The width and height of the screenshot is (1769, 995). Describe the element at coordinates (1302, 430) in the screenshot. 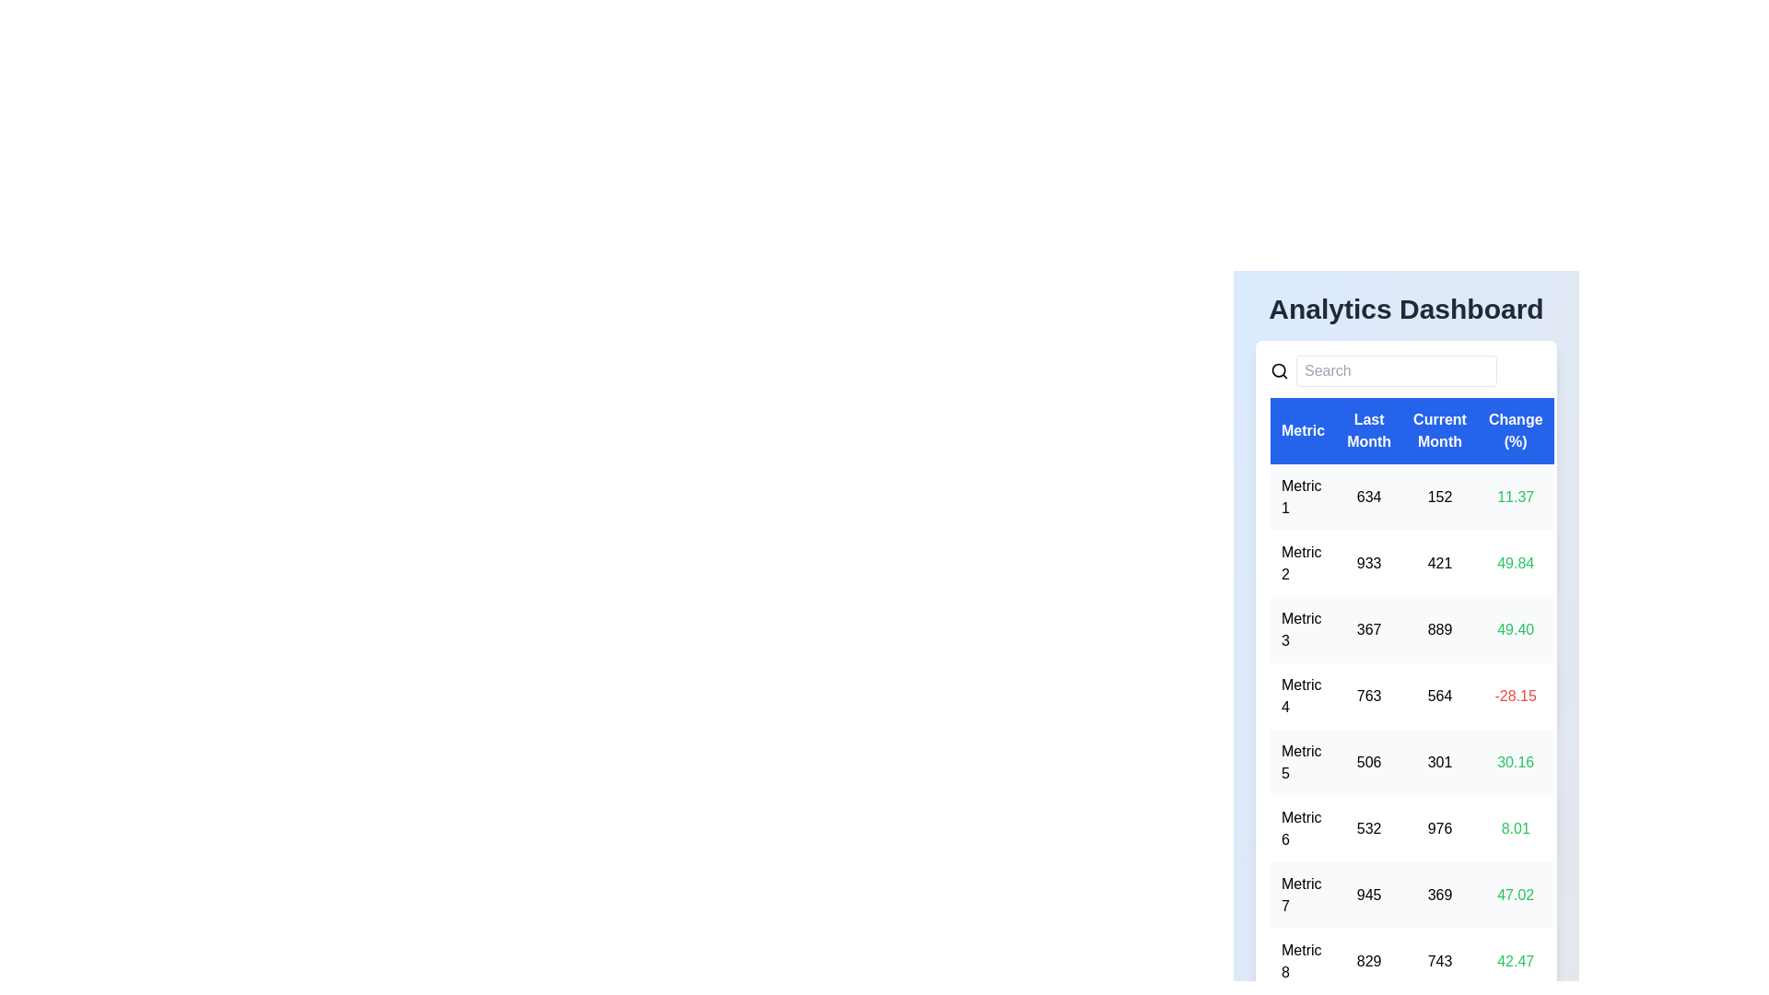

I see `the table header labeled 'Metric' to sort the data by that column` at that location.